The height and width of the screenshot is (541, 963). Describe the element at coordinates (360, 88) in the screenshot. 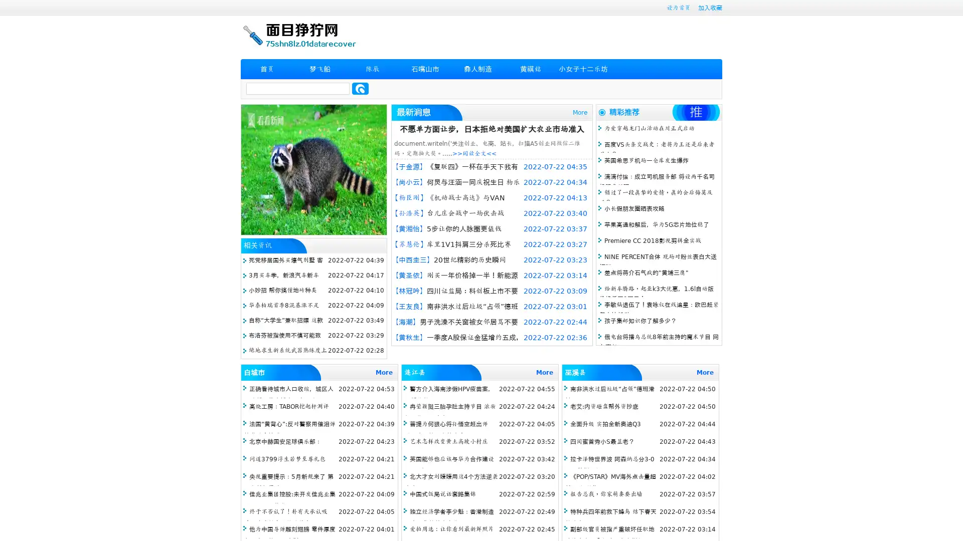

I see `Search` at that location.